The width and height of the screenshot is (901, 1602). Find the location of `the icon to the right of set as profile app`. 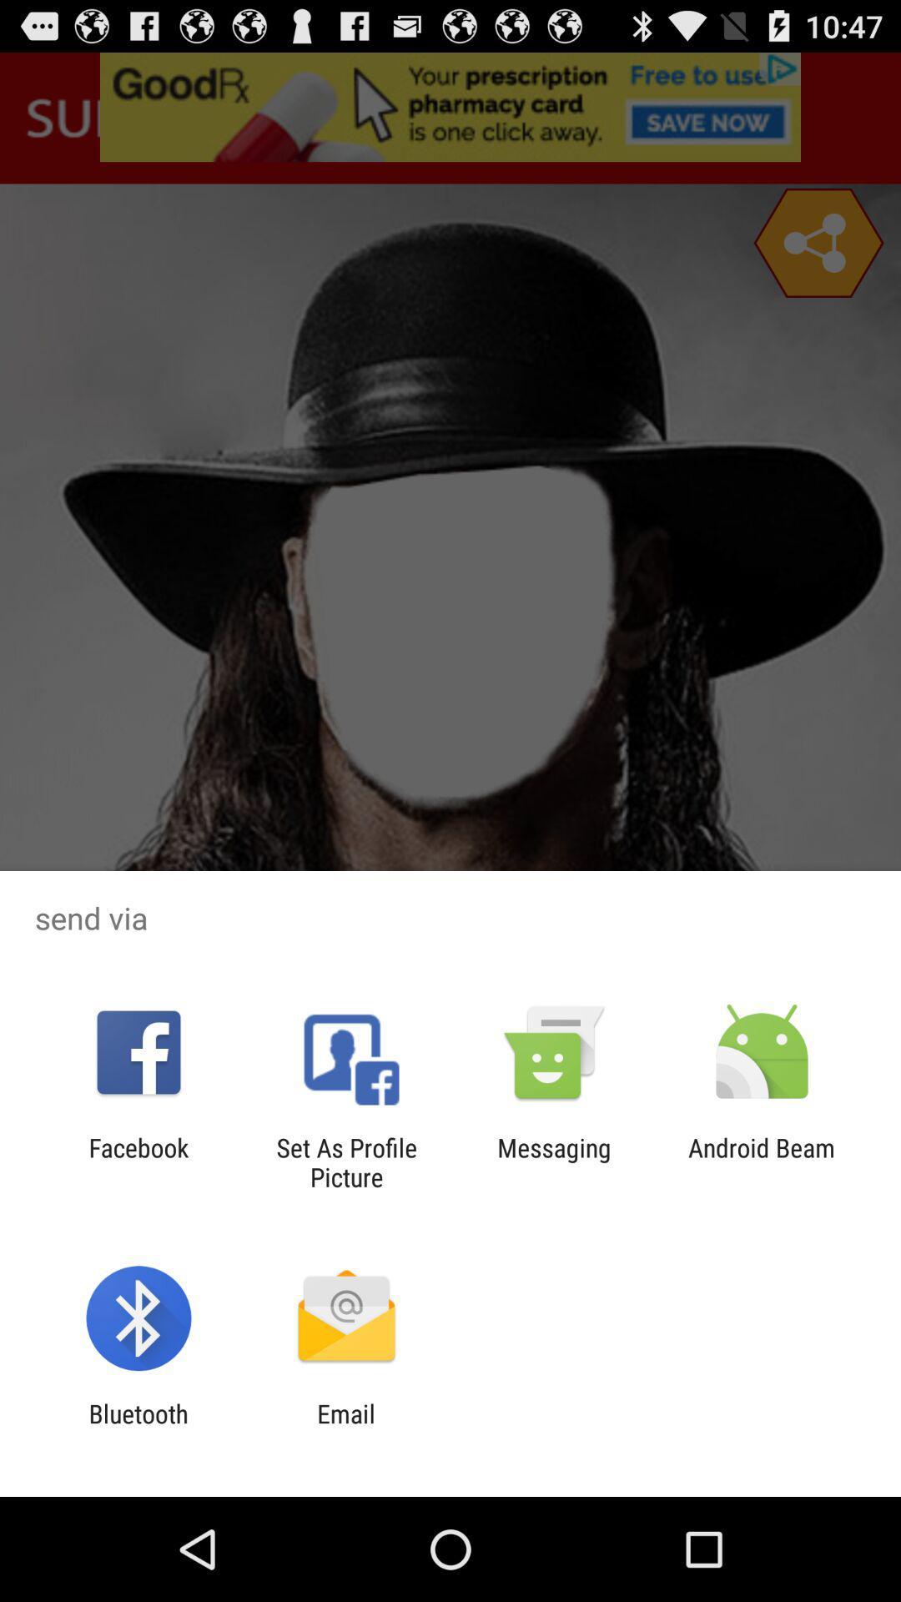

the icon to the right of set as profile app is located at coordinates (554, 1161).